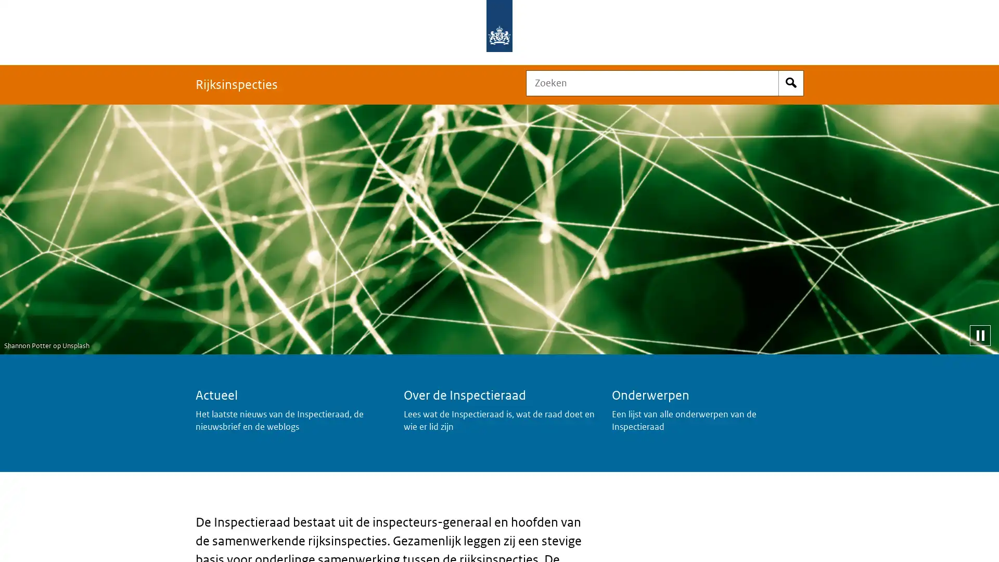 This screenshot has height=562, width=999. What do you see at coordinates (979, 335) in the screenshot?
I see `Pauzeer diashow` at bounding box center [979, 335].